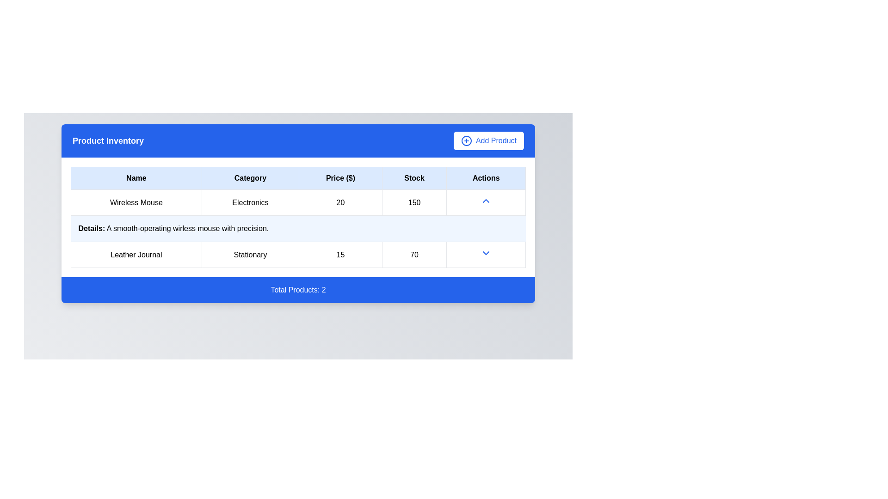 Image resolution: width=888 pixels, height=499 pixels. I want to click on the informational label at the bottom of the product inventory card that displays 'Total Products: 2', so click(298, 290).